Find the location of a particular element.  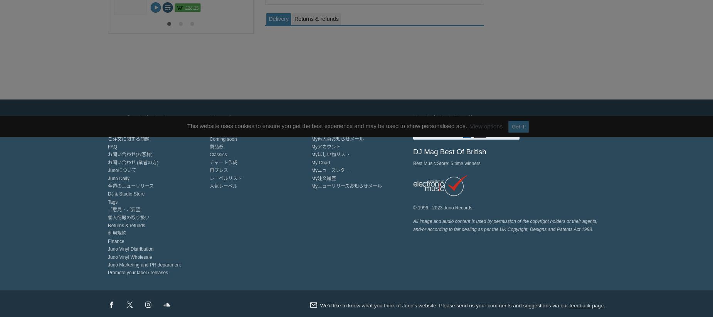

'お問い合わせ (業者の方)' is located at coordinates (133, 162).